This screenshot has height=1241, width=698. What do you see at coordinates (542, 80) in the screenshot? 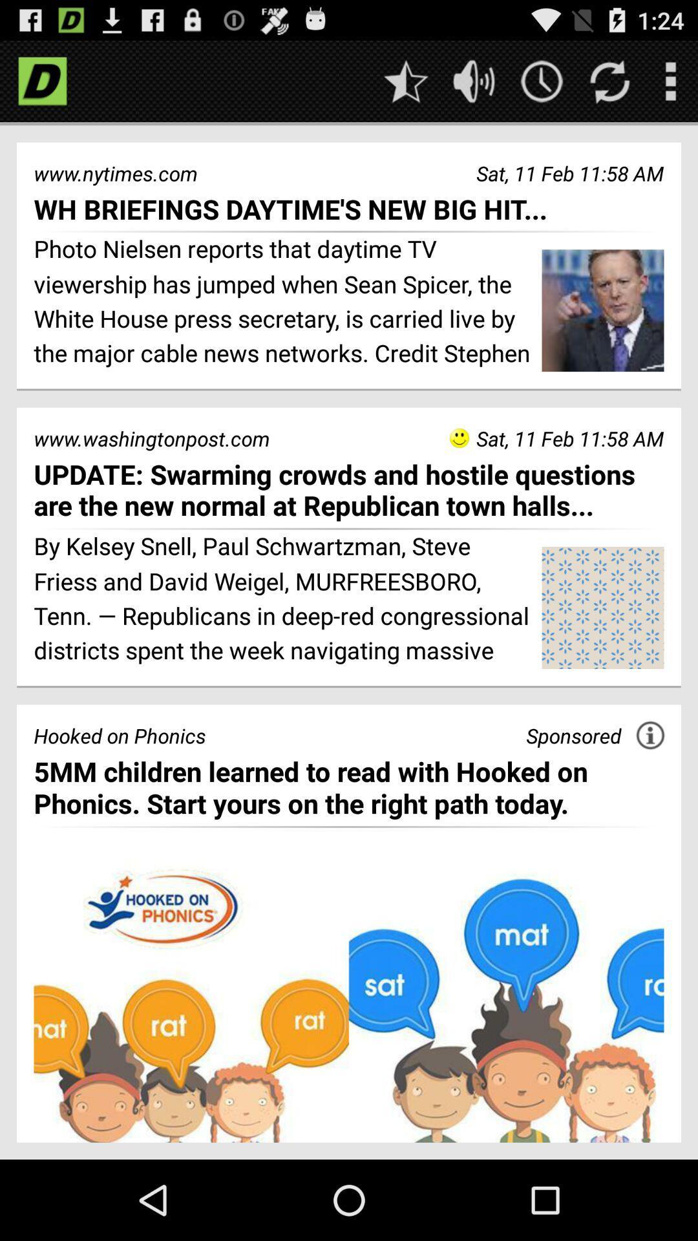
I see `see current news` at bounding box center [542, 80].